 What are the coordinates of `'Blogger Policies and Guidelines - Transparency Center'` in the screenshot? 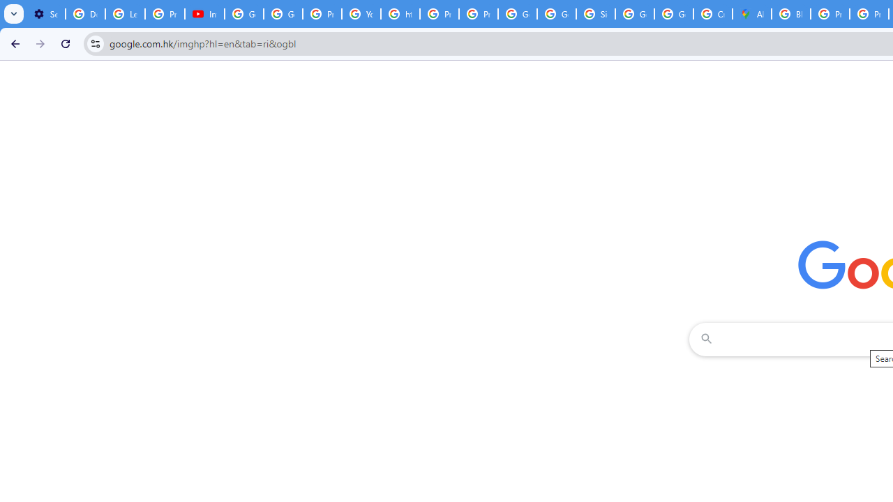 It's located at (791, 14).